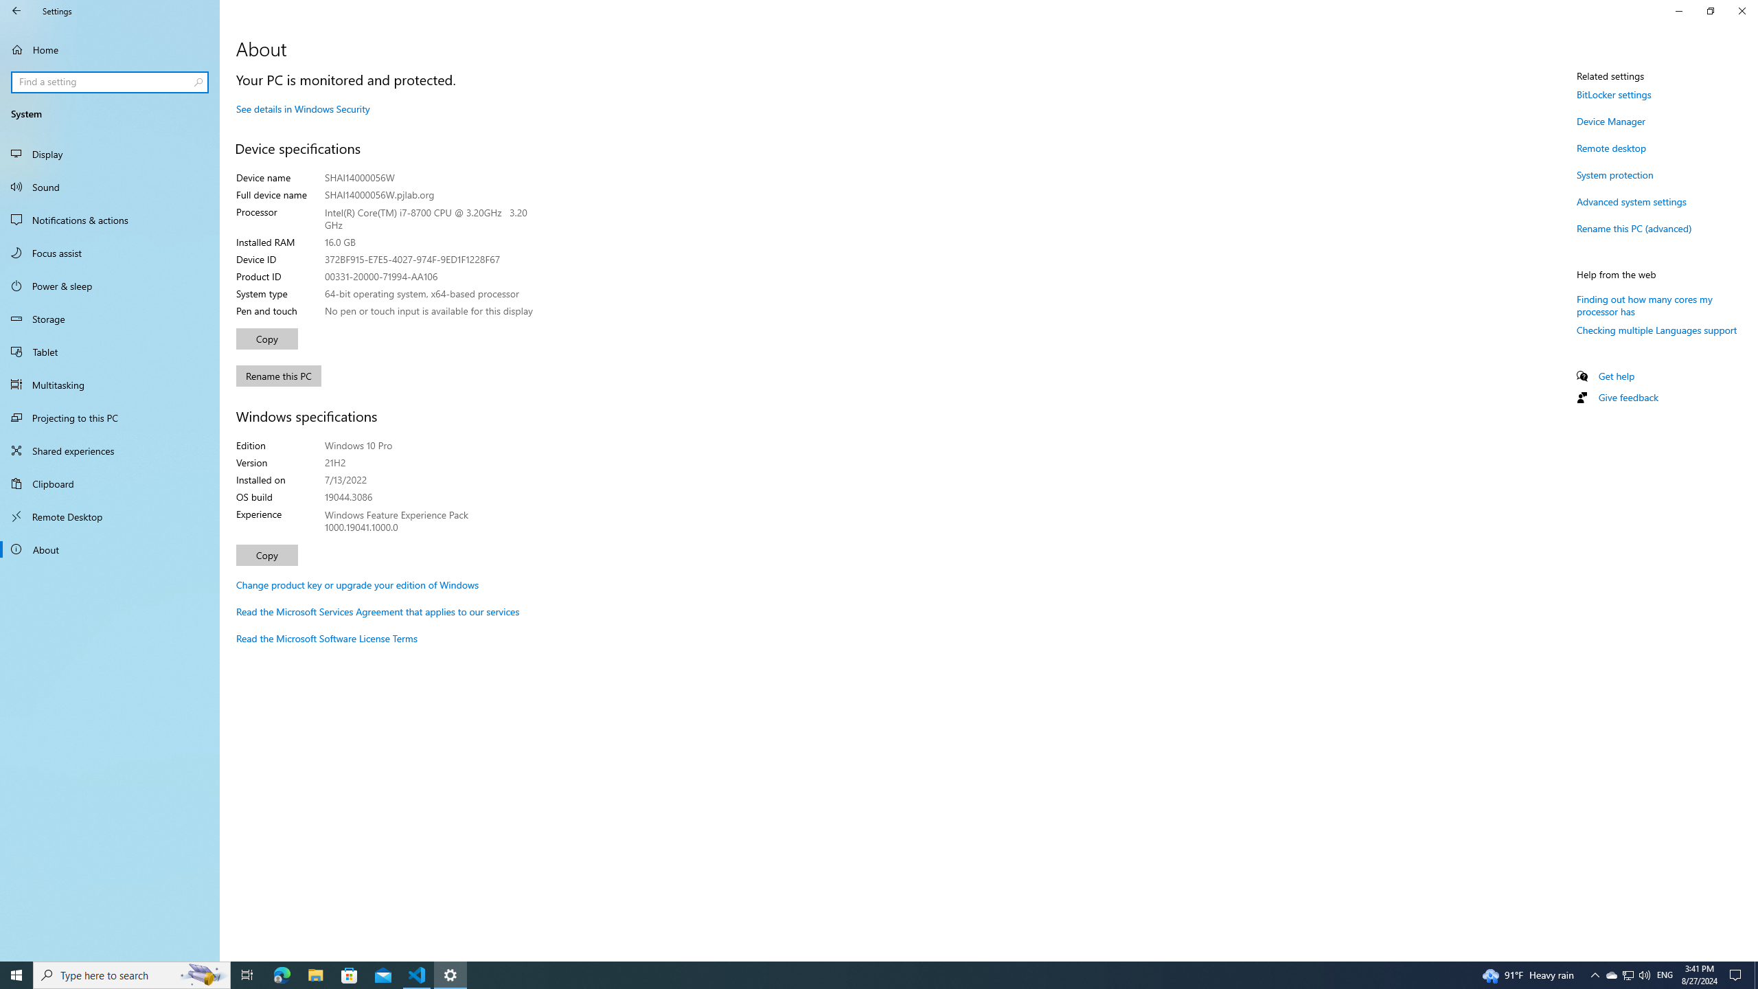  Describe the element at coordinates (327, 637) in the screenshot. I see `'Read the Microsoft Software License Terms'` at that location.